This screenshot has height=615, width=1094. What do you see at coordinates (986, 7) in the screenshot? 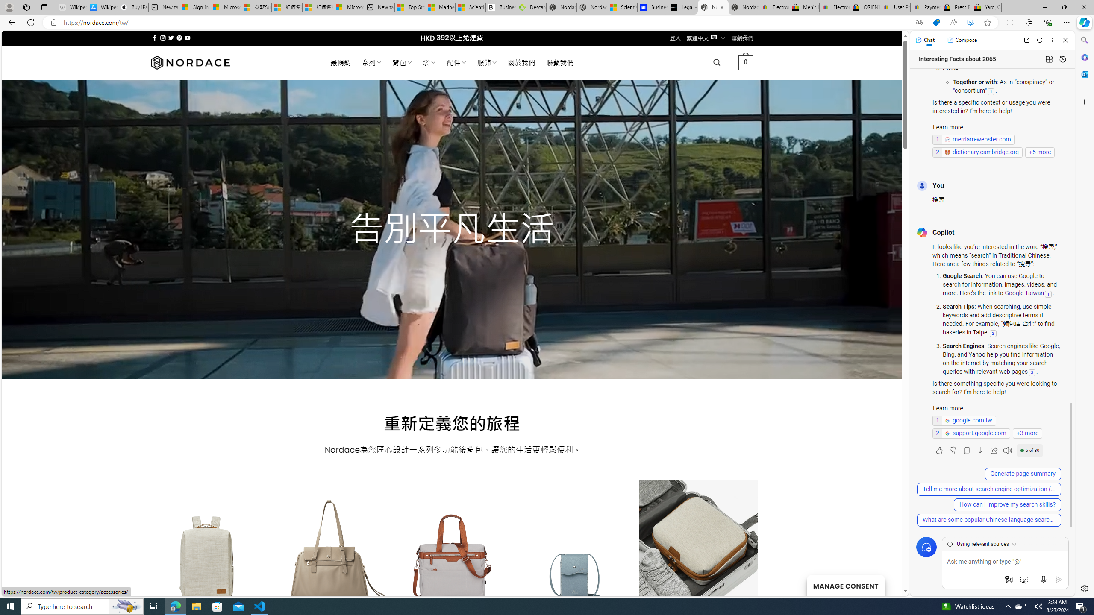
I see `'Yard, Garden & Outdoor Living'` at bounding box center [986, 7].